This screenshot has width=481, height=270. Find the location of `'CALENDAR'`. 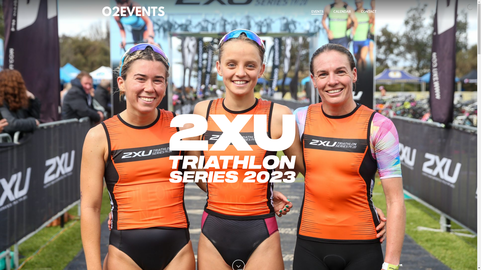

'CALENDAR' is located at coordinates (341, 11).